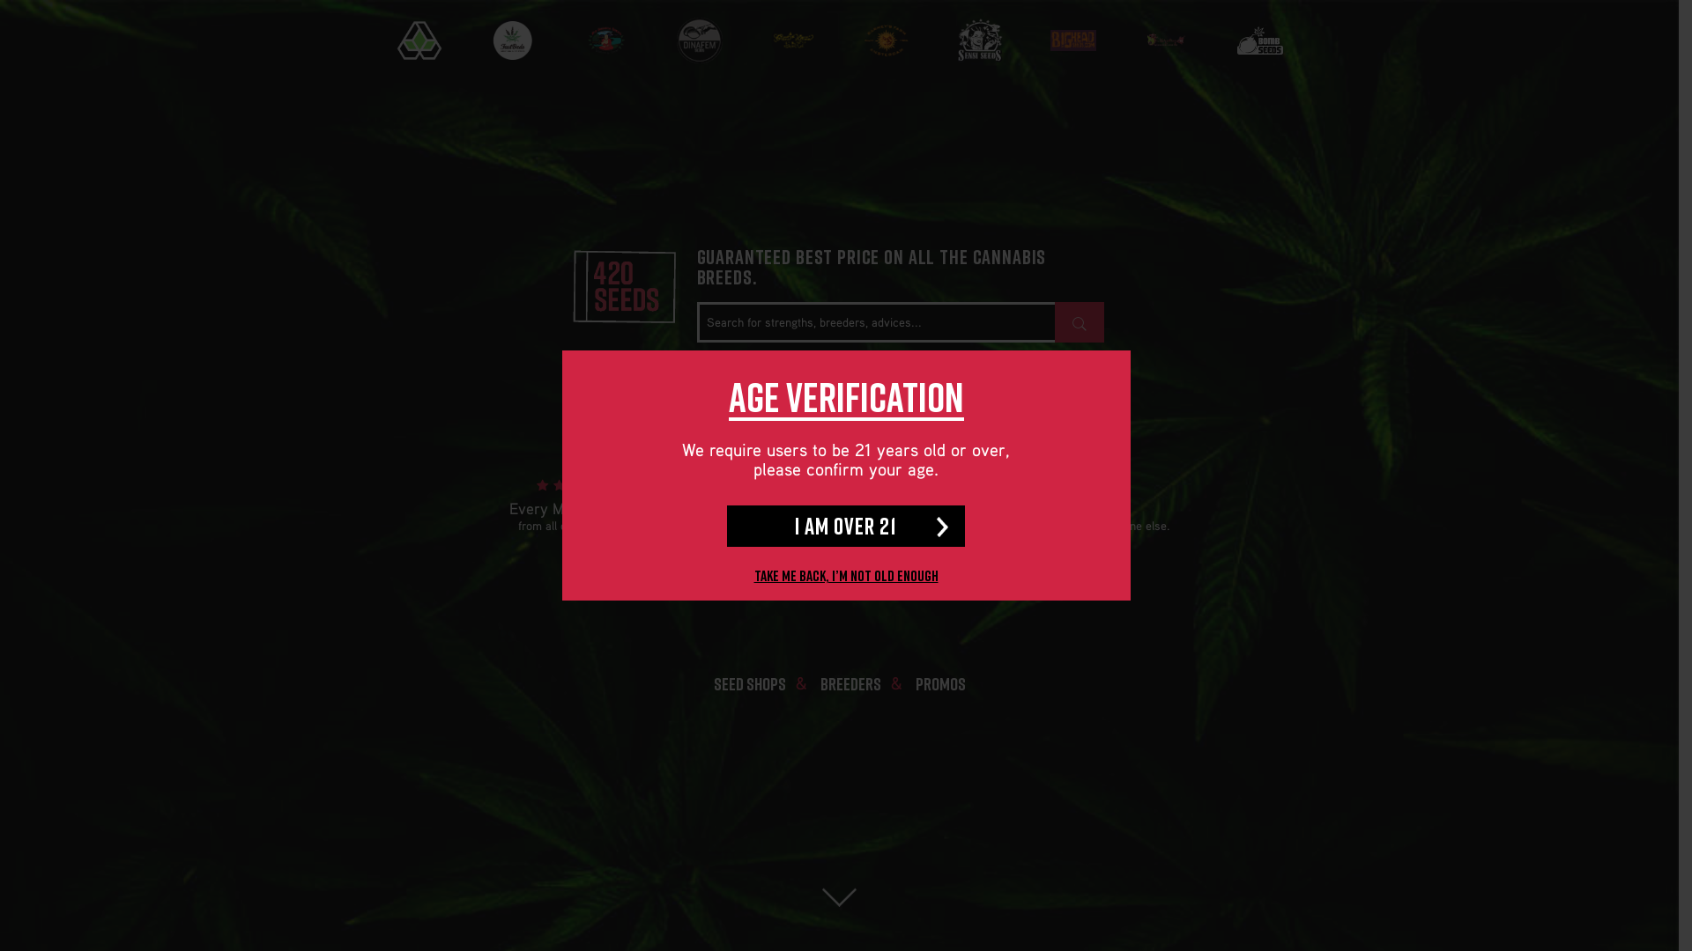 This screenshot has height=951, width=1692. I want to click on 'Bomb Seeds', so click(1258, 48).